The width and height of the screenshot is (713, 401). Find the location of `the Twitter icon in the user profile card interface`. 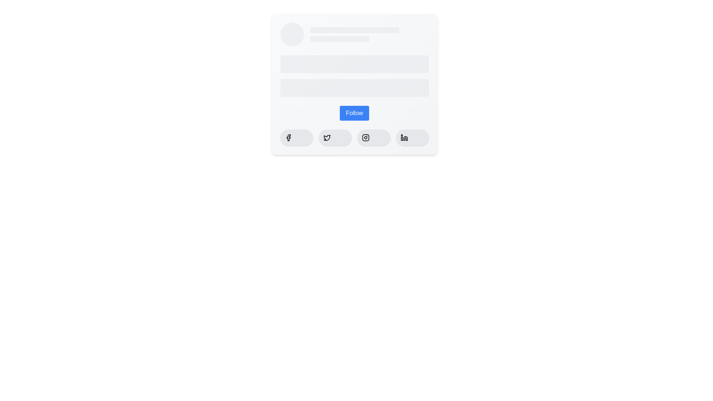

the Twitter icon in the user profile card interface is located at coordinates (327, 138).